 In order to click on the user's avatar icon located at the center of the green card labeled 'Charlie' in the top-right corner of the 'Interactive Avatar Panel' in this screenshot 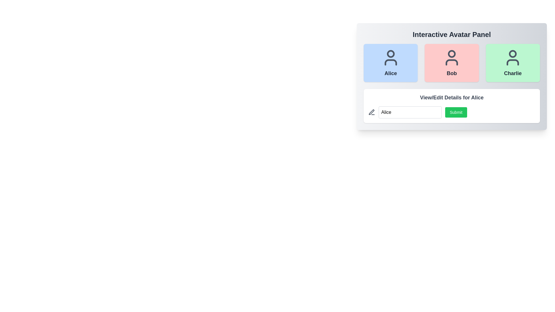, I will do `click(513, 58)`.